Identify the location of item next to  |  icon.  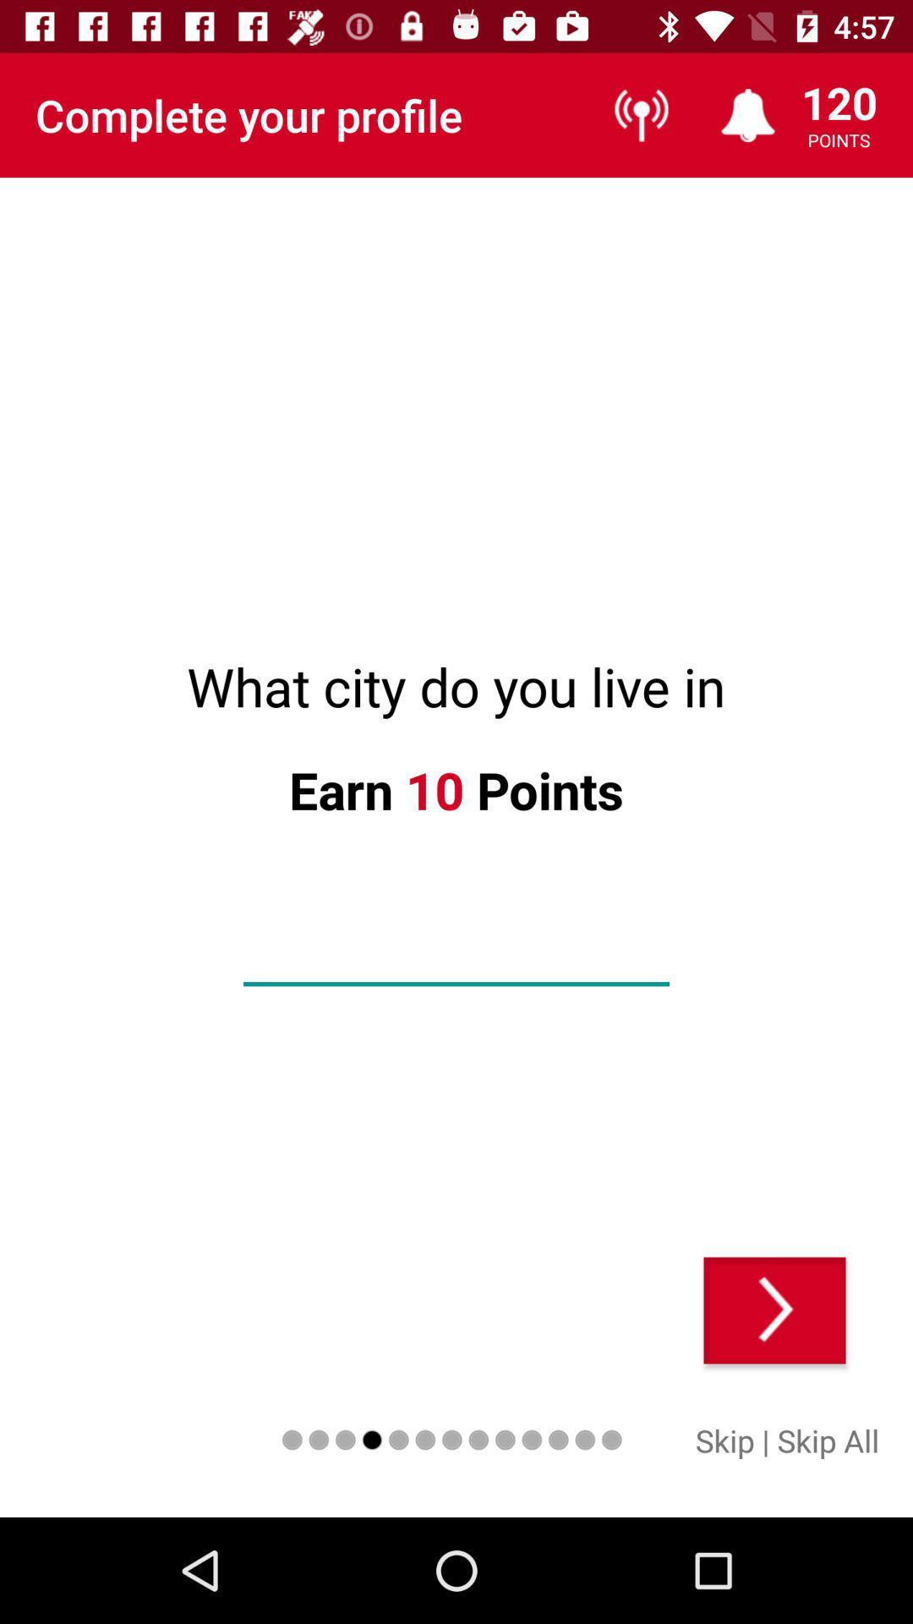
(827, 1440).